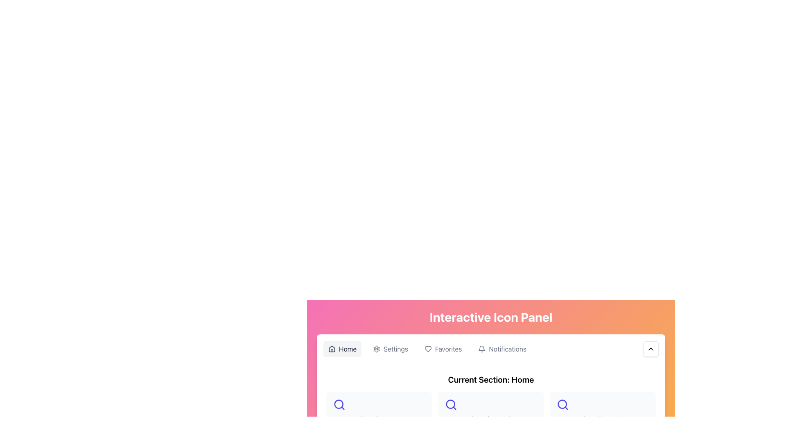  What do you see at coordinates (376, 349) in the screenshot?
I see `the gear-shaped icon button located in the upper navigation bar next to the 'Home' button and left of the 'Favorites' button` at bounding box center [376, 349].